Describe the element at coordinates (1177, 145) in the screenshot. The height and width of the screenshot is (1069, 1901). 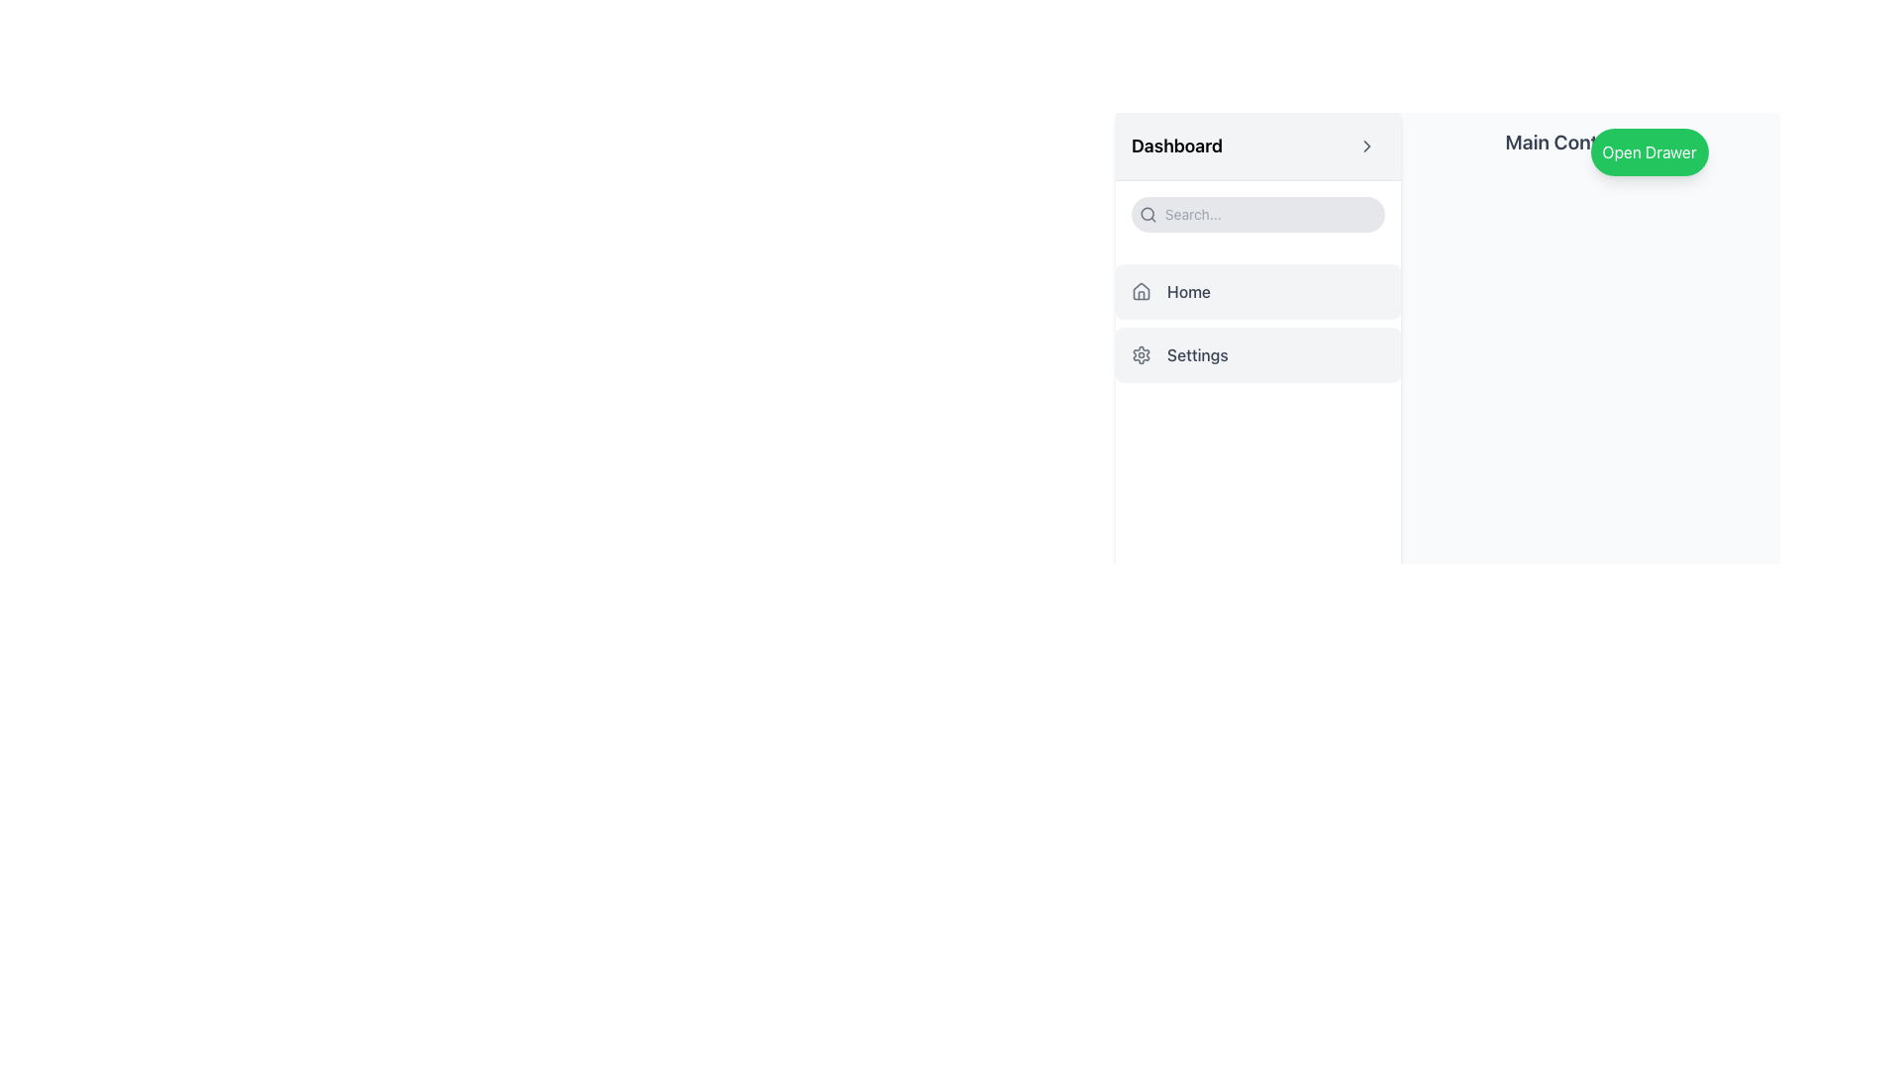
I see `the Text Label that indicates the current active page in the navigation section, located at the top left of the navigation panel` at that location.